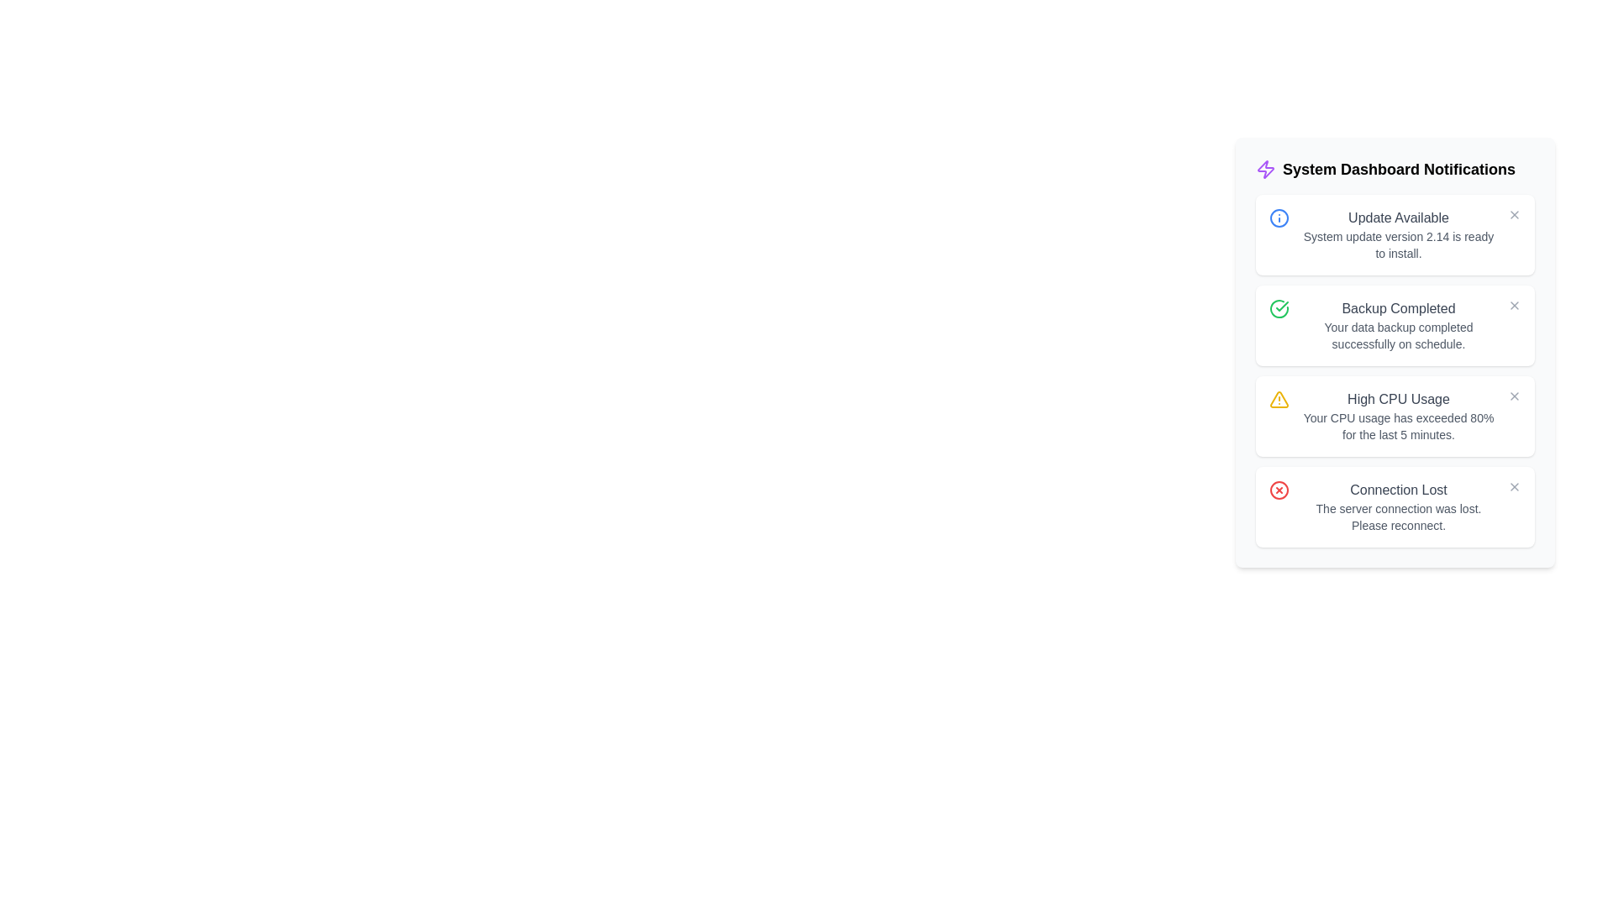  Describe the element at coordinates (1278, 217) in the screenshot. I see `the central blue circle of the information icon located at the top-left of the 'Update Available' notification entry in the right-side panel` at that location.